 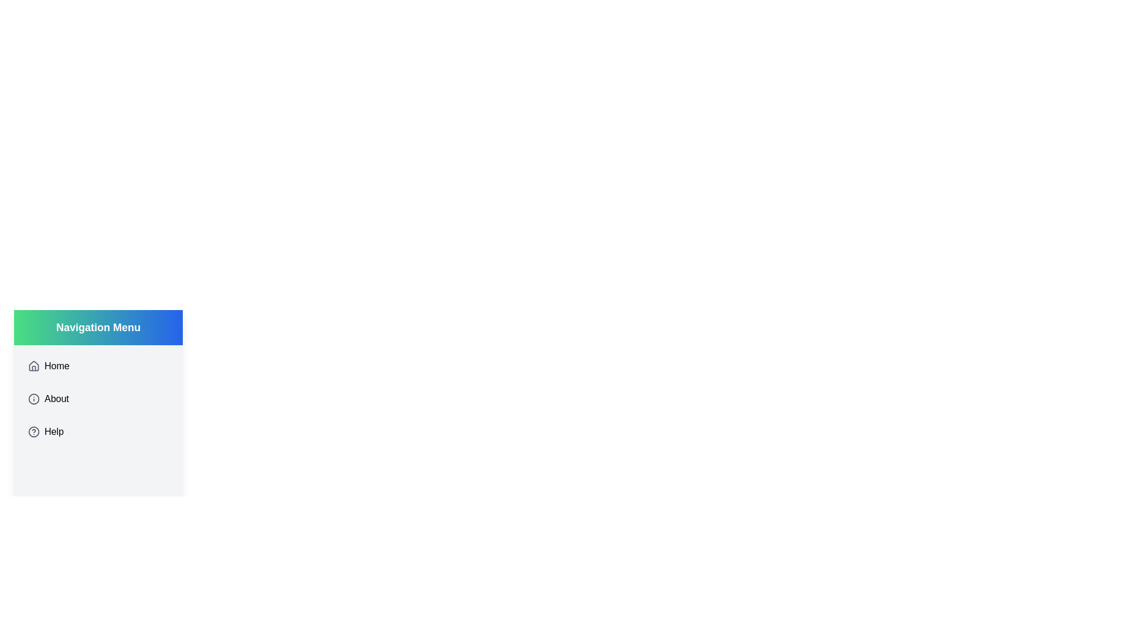 What do you see at coordinates (98, 328) in the screenshot?
I see `the 'Navigation Menu' header element, which is a rectangular block with a gradient background from green to blue, containing bold white capitalized text, centered in the sidebar menu` at bounding box center [98, 328].